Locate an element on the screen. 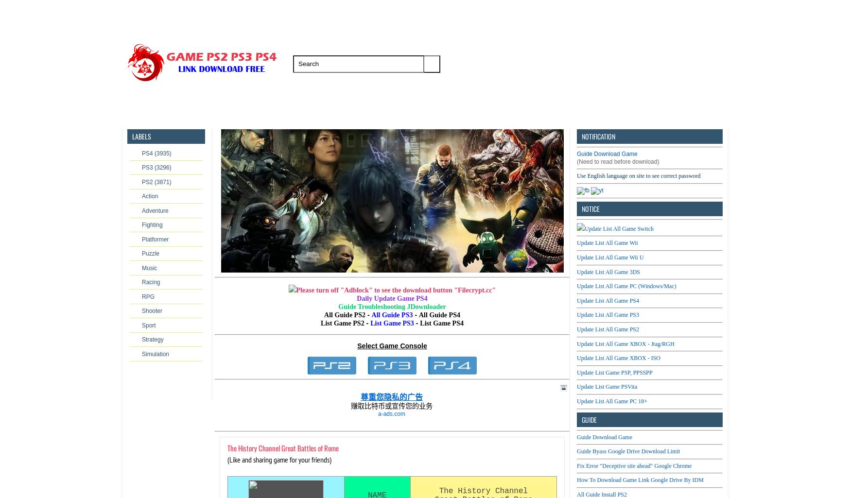  'Fix Error "Deceptive site ahead" Google Chrome' is located at coordinates (634, 465).